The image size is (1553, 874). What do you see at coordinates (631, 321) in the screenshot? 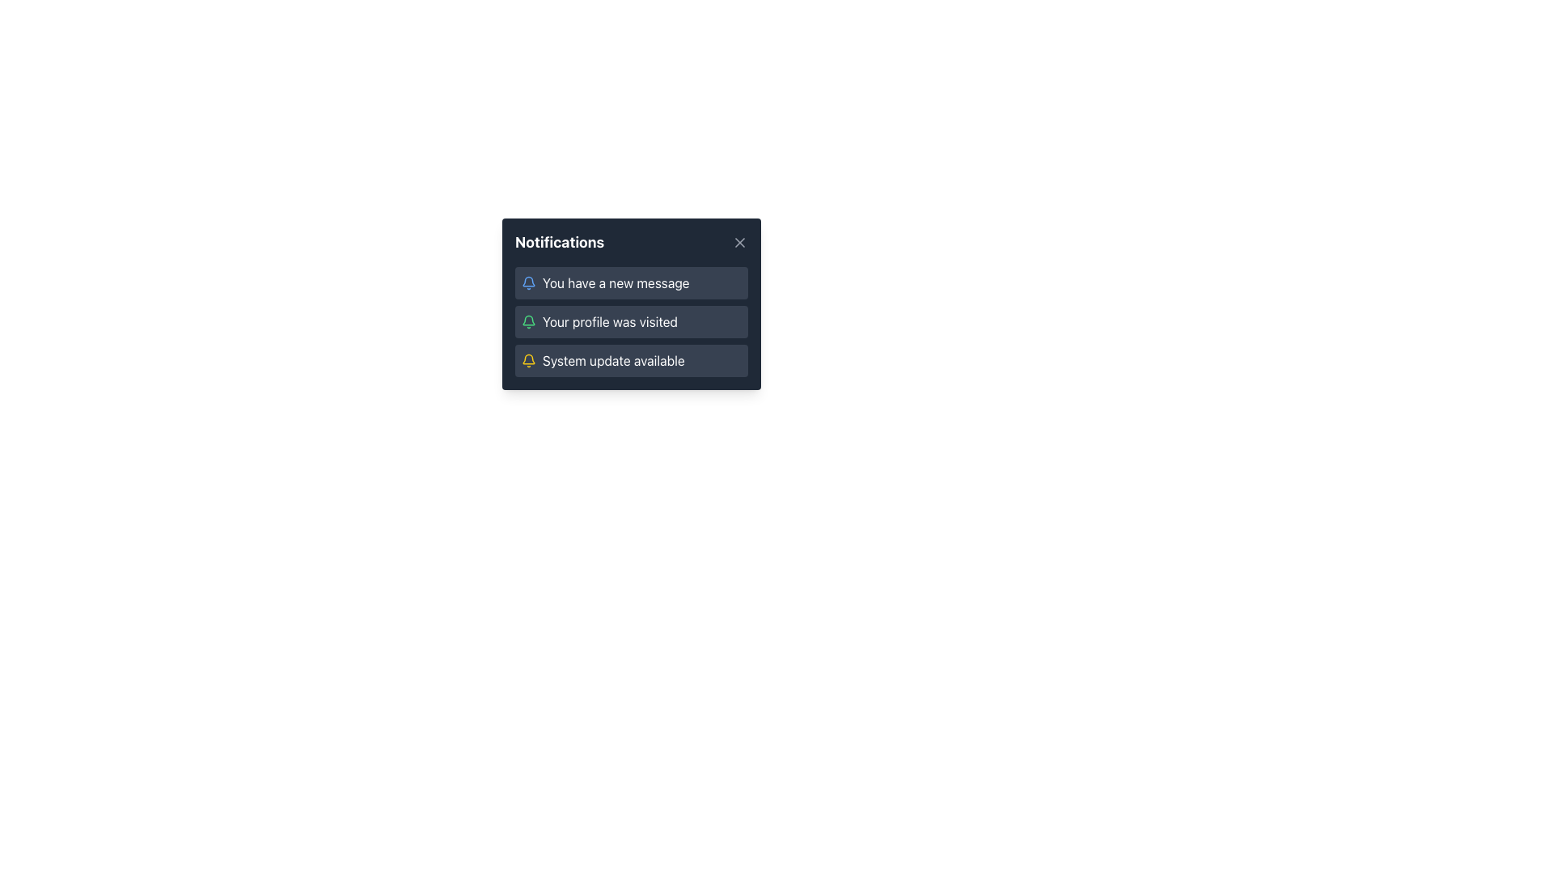
I see `the second notification entry in the notification panel that indicates the user's profile has been visited` at bounding box center [631, 321].